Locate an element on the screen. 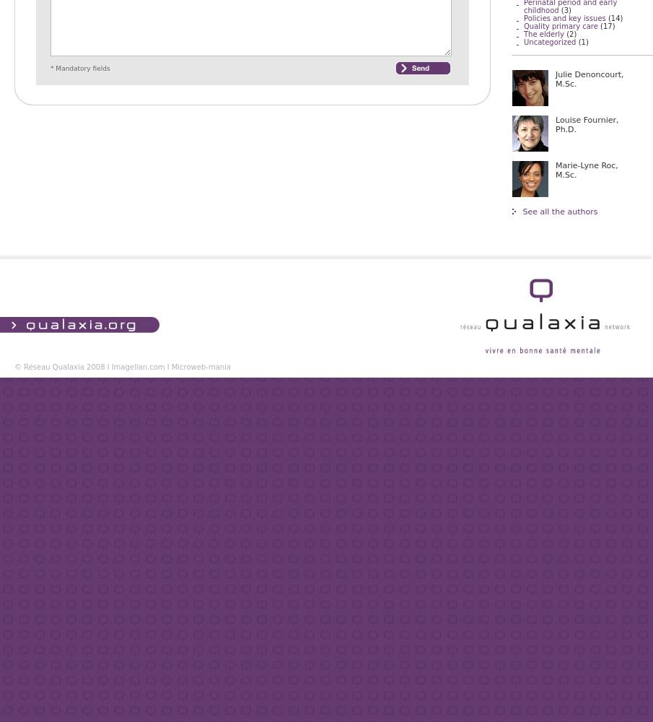  '(1)' is located at coordinates (576, 42).